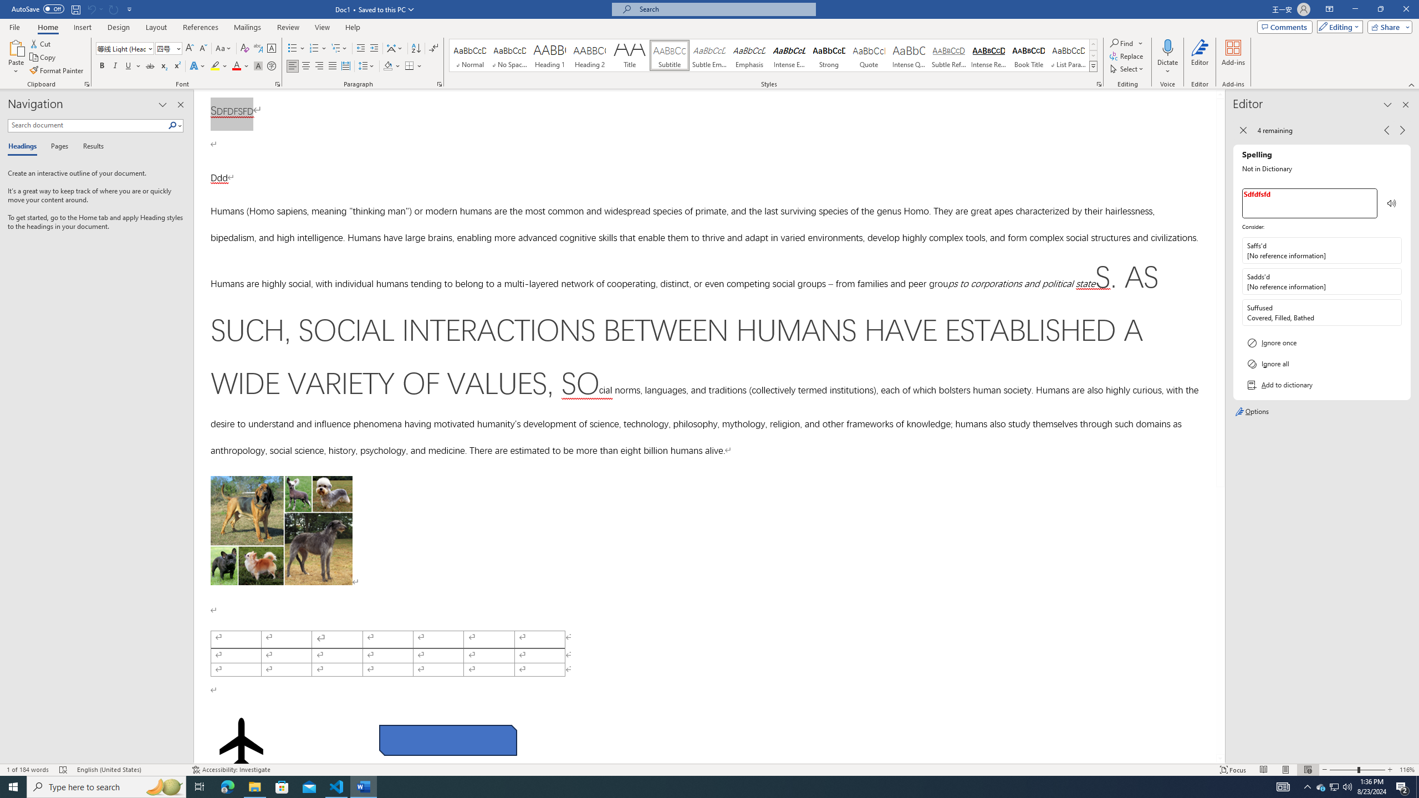 The width and height of the screenshot is (1419, 798). I want to click on 'Heading 1', so click(549, 55).